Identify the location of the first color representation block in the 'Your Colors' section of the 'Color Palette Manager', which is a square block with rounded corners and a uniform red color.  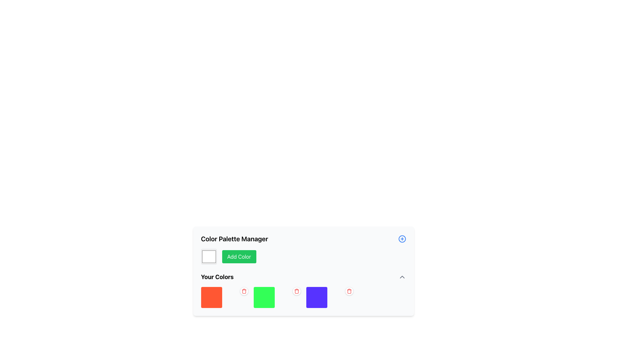
(211, 297).